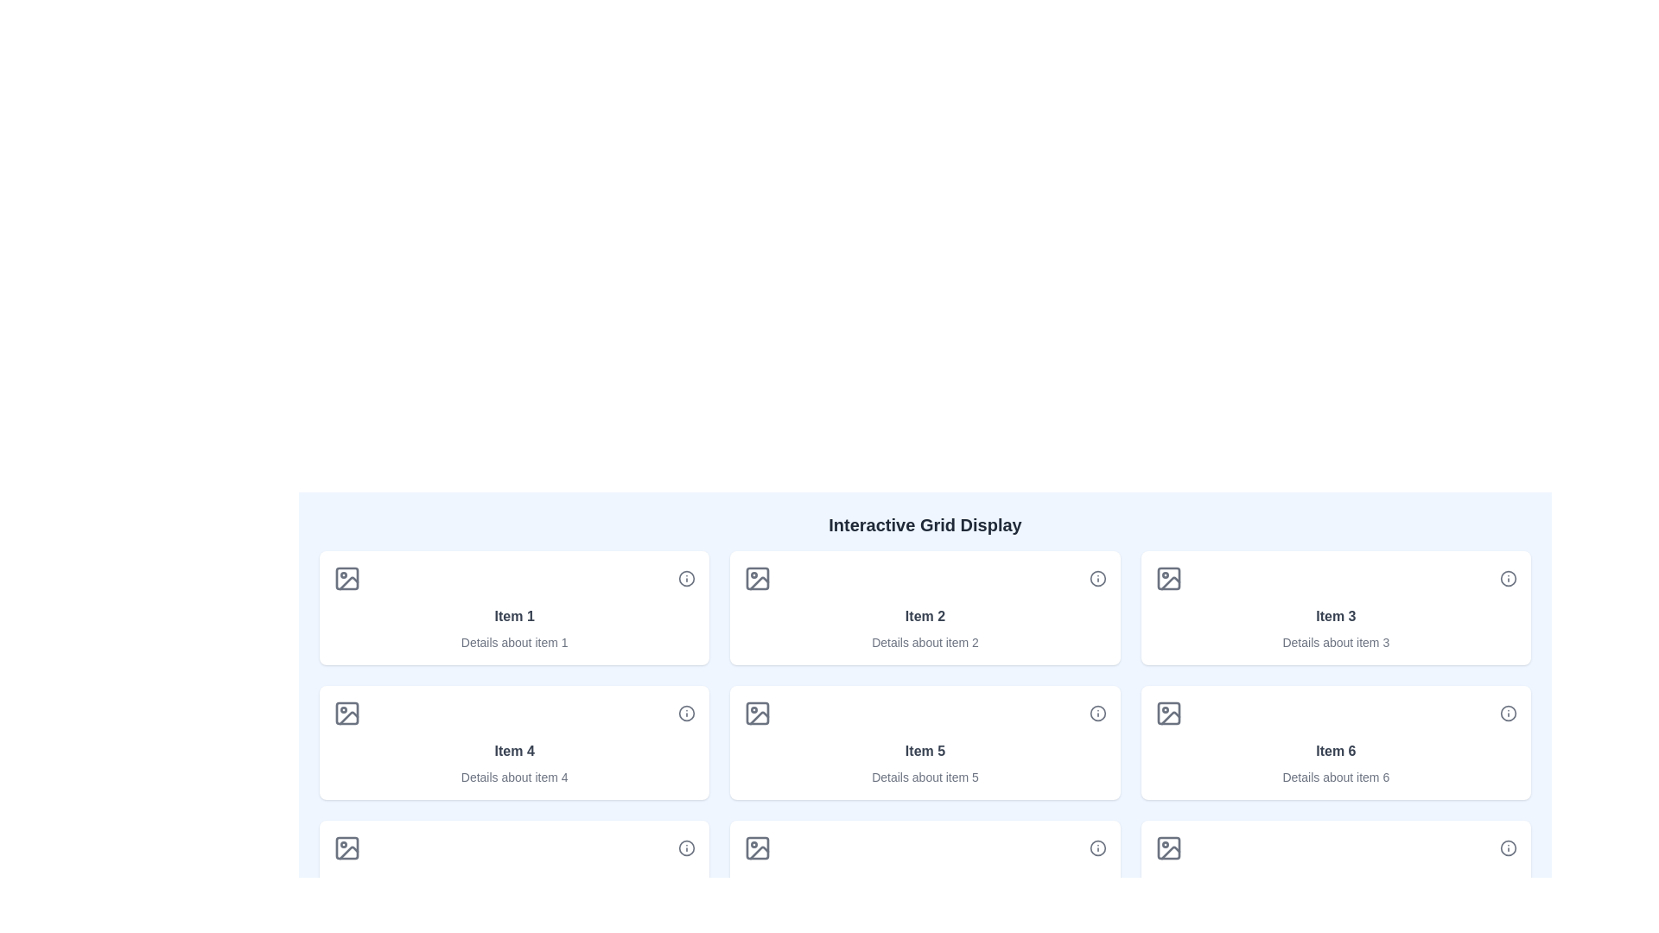 The height and width of the screenshot is (933, 1659). I want to click on the informational text block containing the title 'Item 3' and details about item 3, which is styled in bold and smaller gray font, located in the top-right of the grid layout, so click(1335, 629).